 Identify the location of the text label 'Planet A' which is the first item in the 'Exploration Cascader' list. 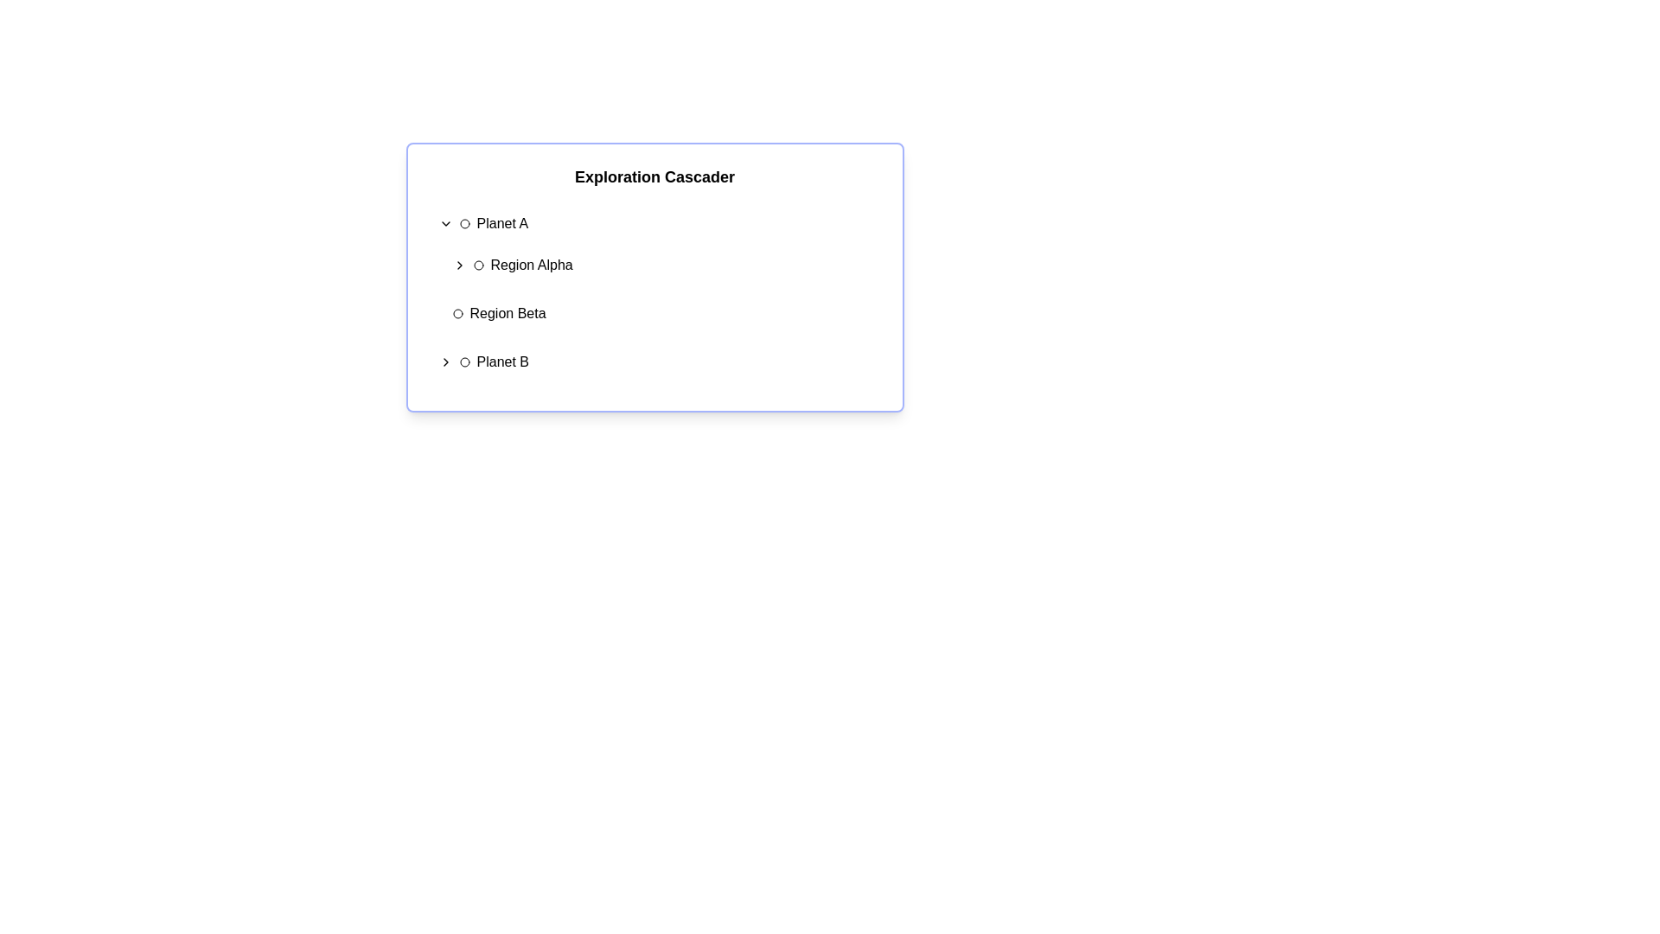
(501, 222).